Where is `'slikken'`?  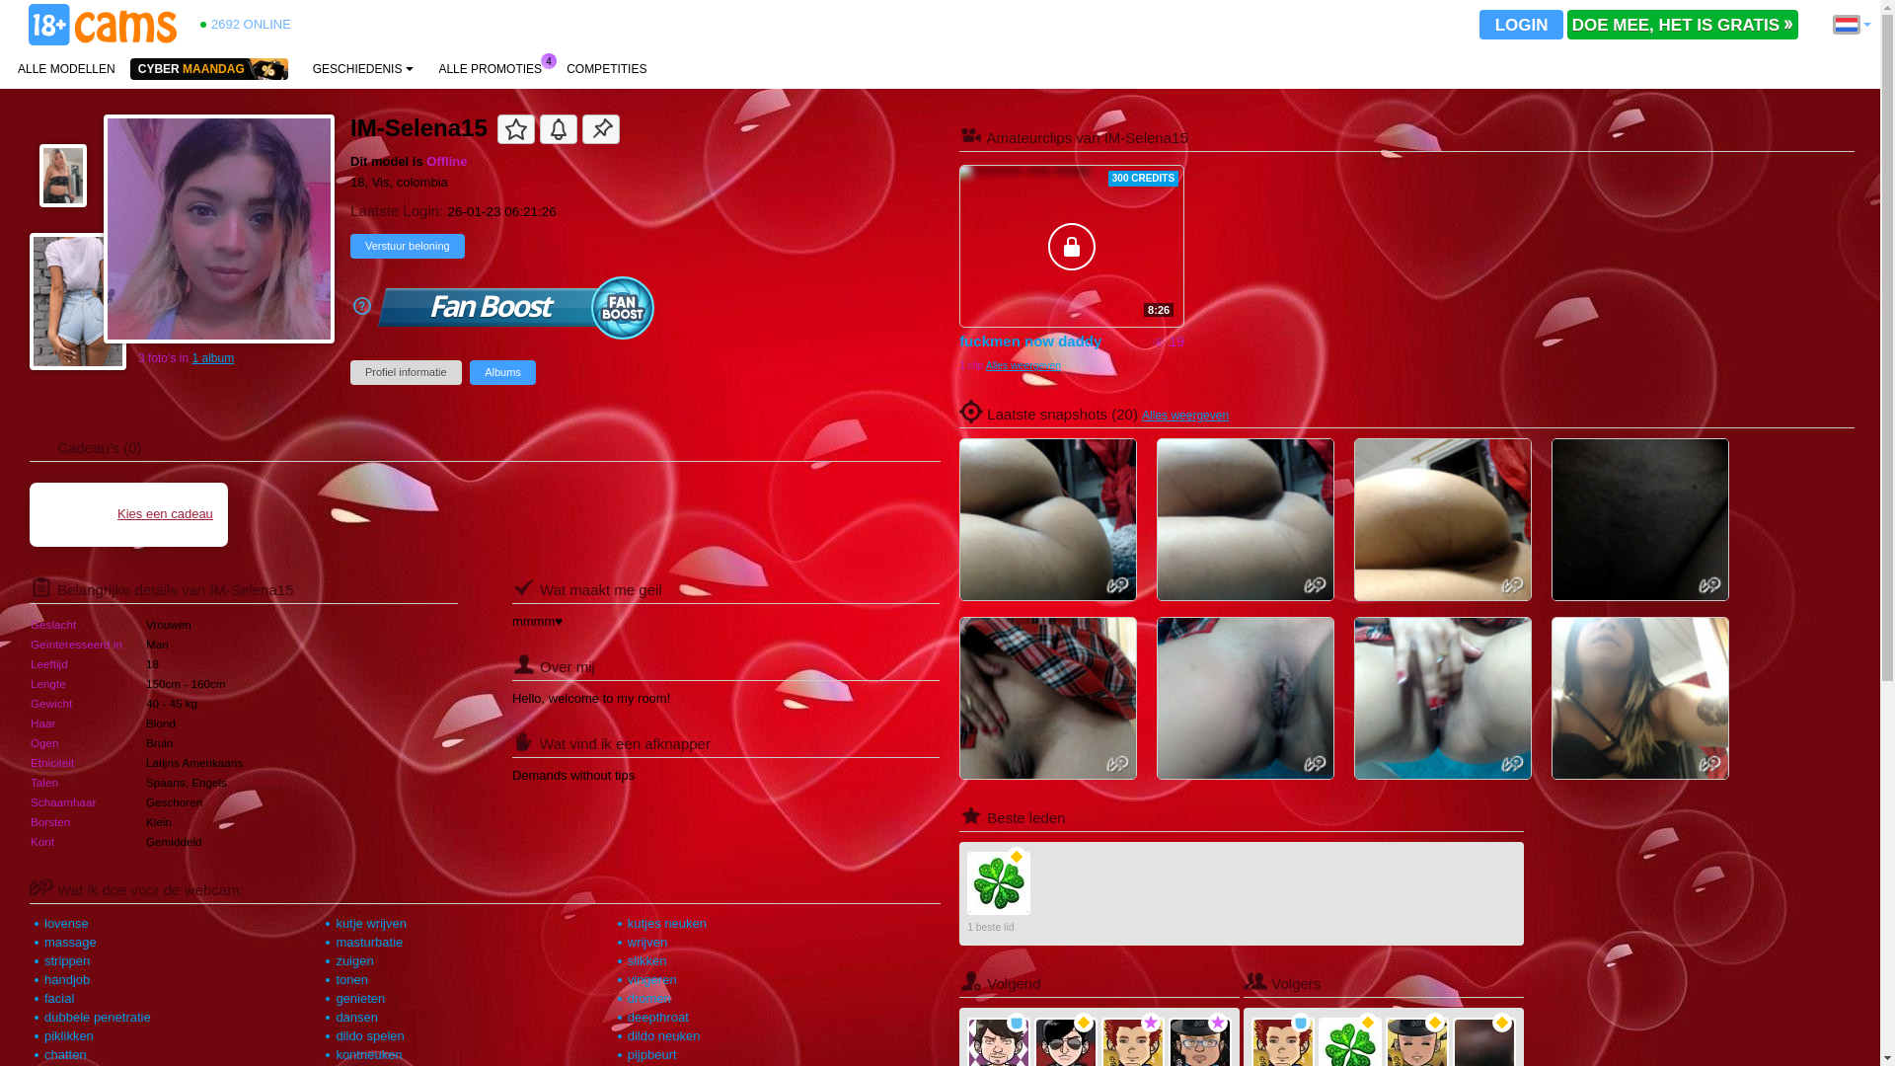
'slikken' is located at coordinates (647, 959).